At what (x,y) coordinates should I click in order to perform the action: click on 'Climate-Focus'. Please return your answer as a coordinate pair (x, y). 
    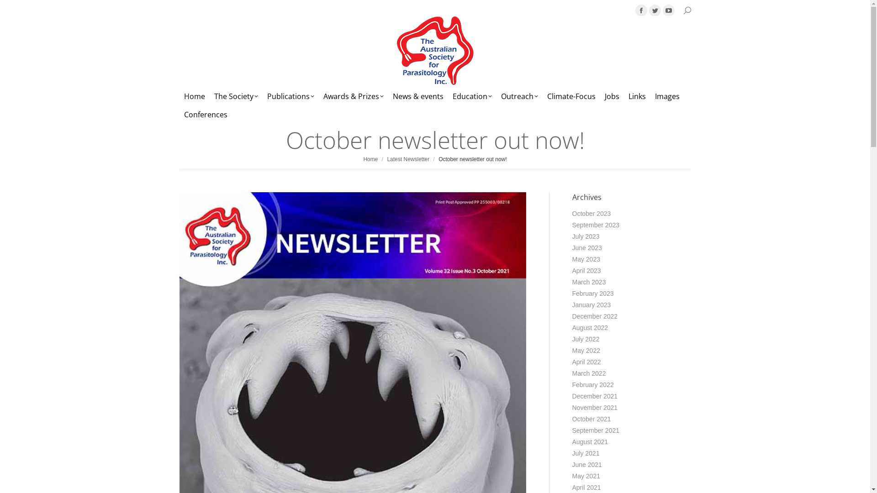
    Looking at the image, I should click on (571, 96).